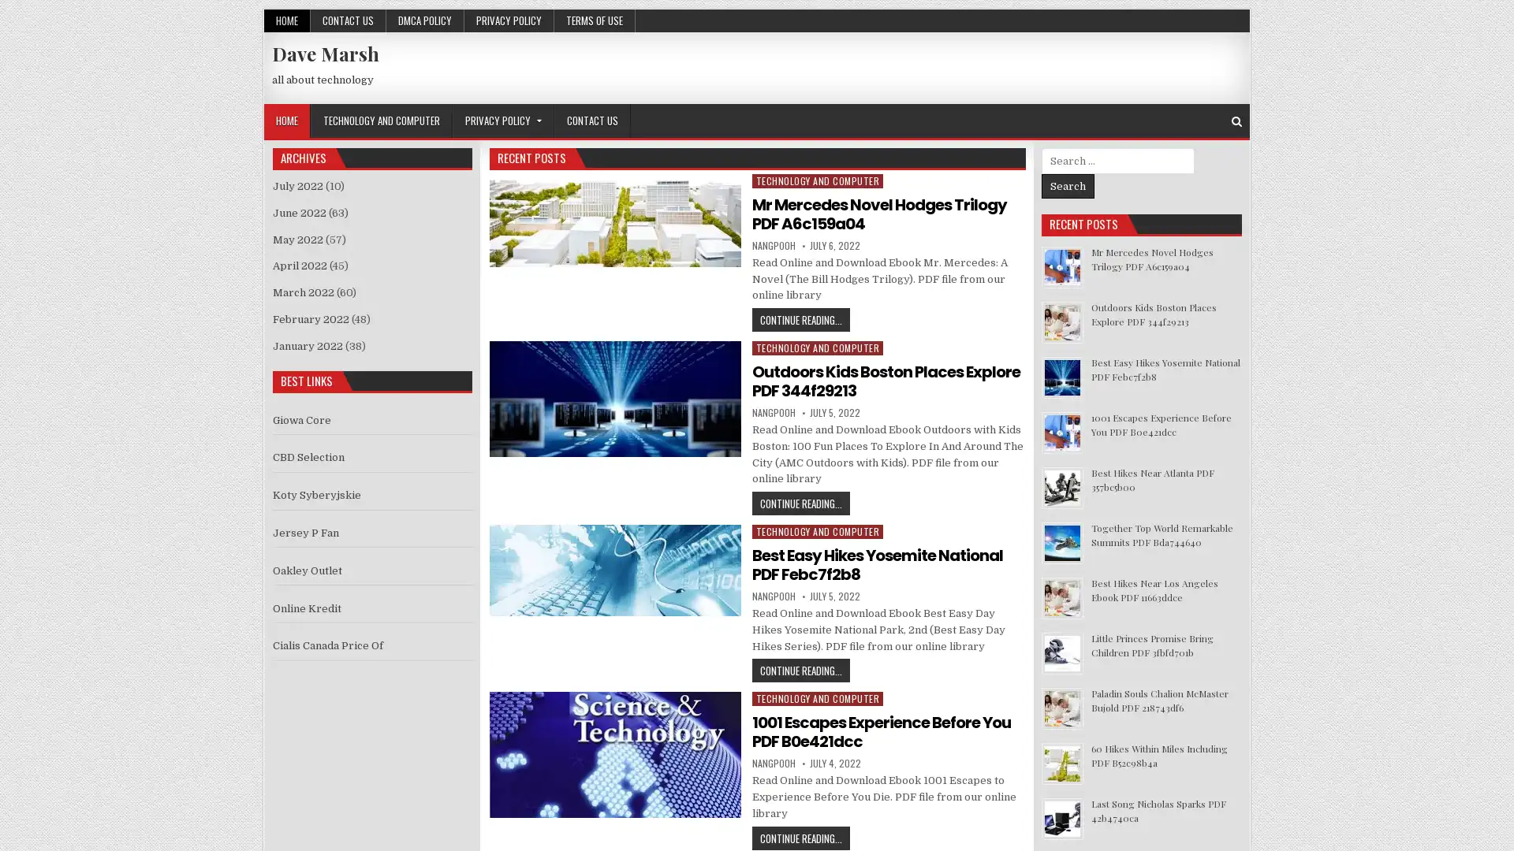 Image resolution: width=1514 pixels, height=851 pixels. I want to click on Search, so click(1068, 185).